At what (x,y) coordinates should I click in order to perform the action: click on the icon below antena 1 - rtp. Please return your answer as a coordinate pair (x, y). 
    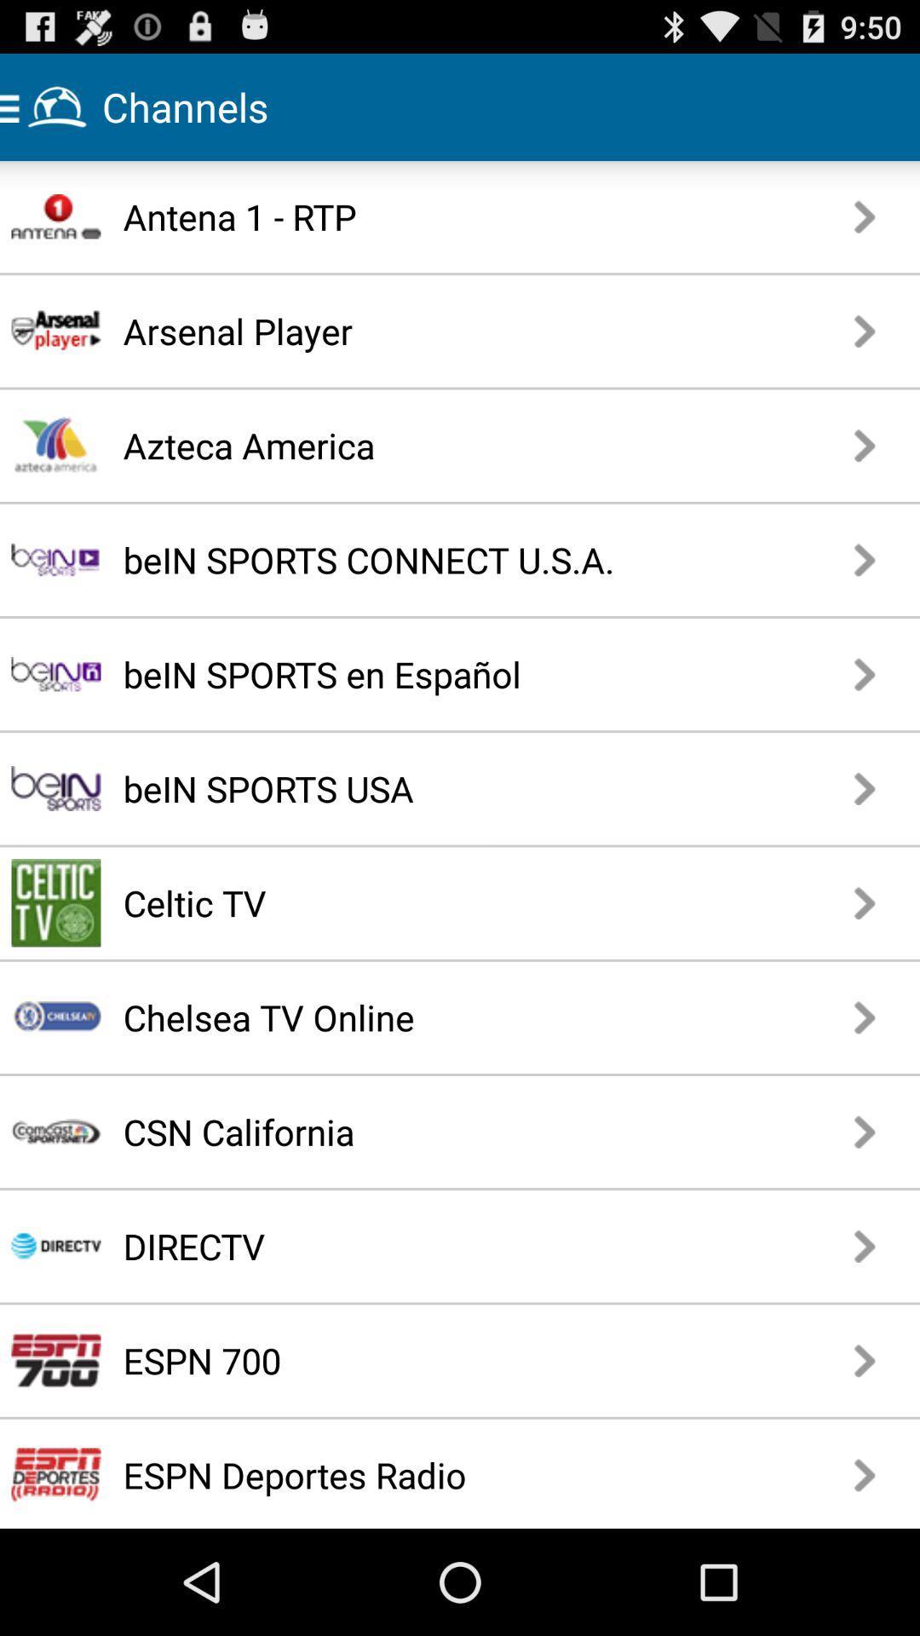
    Looking at the image, I should click on (412, 331).